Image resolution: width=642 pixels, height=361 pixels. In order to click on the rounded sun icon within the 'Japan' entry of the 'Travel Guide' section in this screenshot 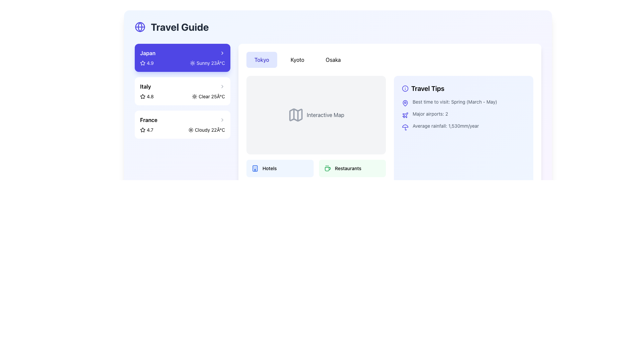, I will do `click(192, 63)`.